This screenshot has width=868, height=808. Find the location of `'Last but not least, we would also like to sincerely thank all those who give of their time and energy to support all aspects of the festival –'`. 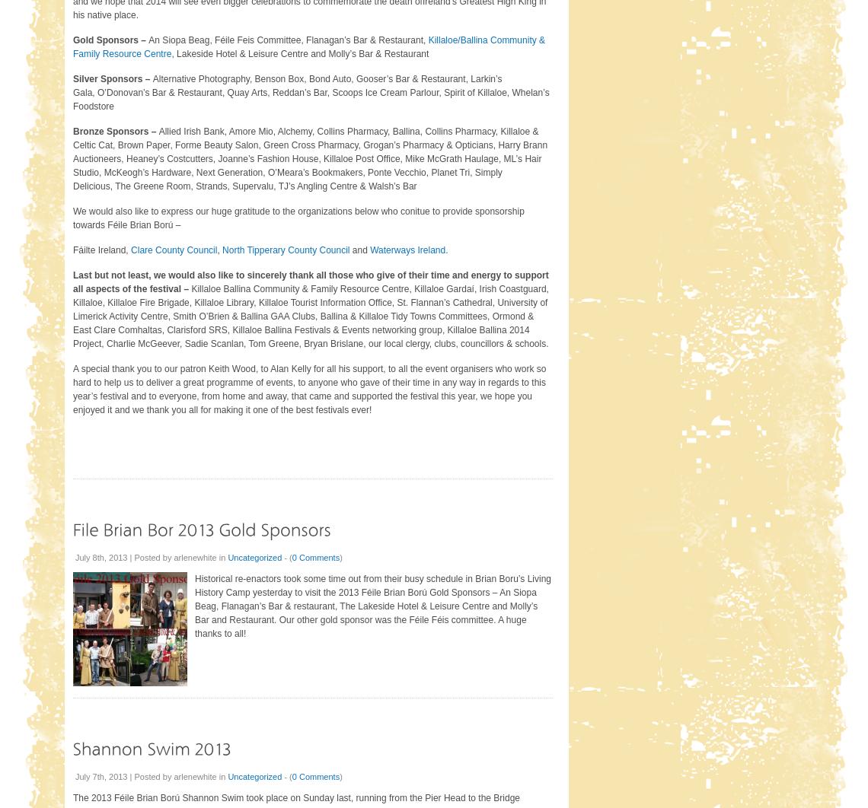

'Last but not least, we would also like to sincerely thank all those who give of their time and energy to support all aspects of the festival –' is located at coordinates (310, 281).